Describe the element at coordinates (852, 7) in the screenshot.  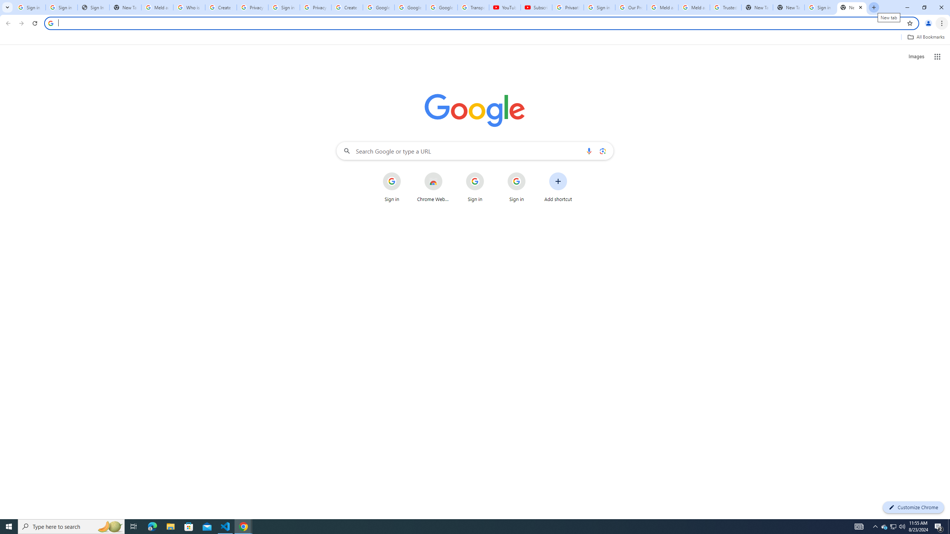
I see `'New Tab'` at that location.